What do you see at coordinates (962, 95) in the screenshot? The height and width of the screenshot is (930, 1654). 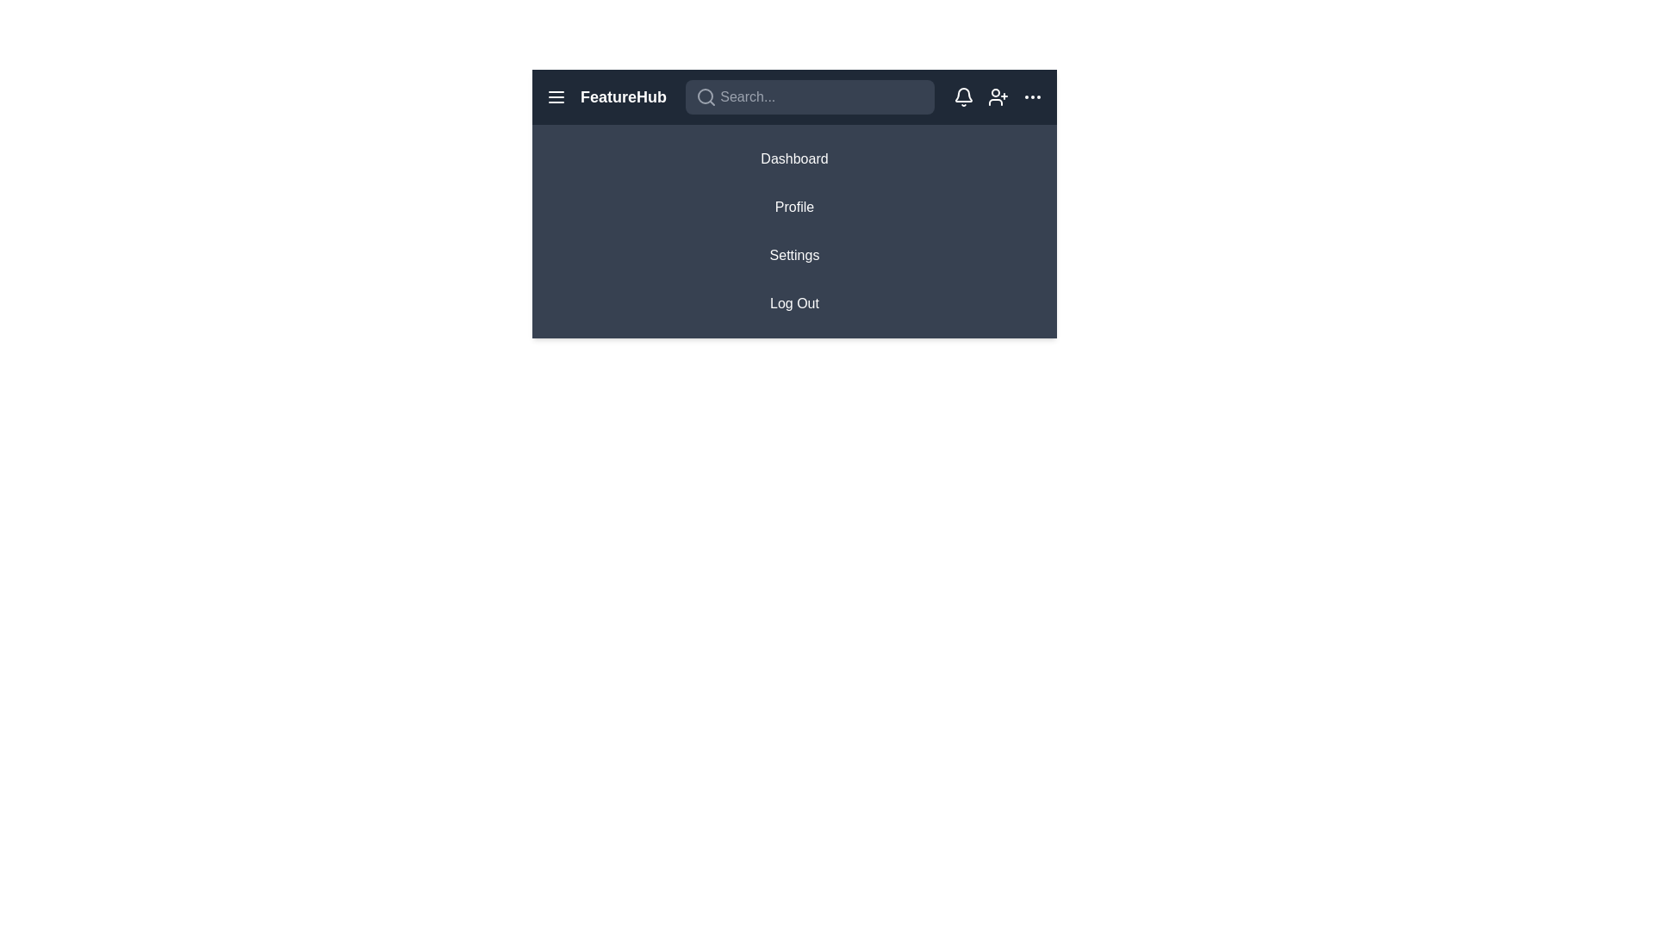 I see `the notification indicator icon located in the right section of the navigation bar` at bounding box center [962, 95].